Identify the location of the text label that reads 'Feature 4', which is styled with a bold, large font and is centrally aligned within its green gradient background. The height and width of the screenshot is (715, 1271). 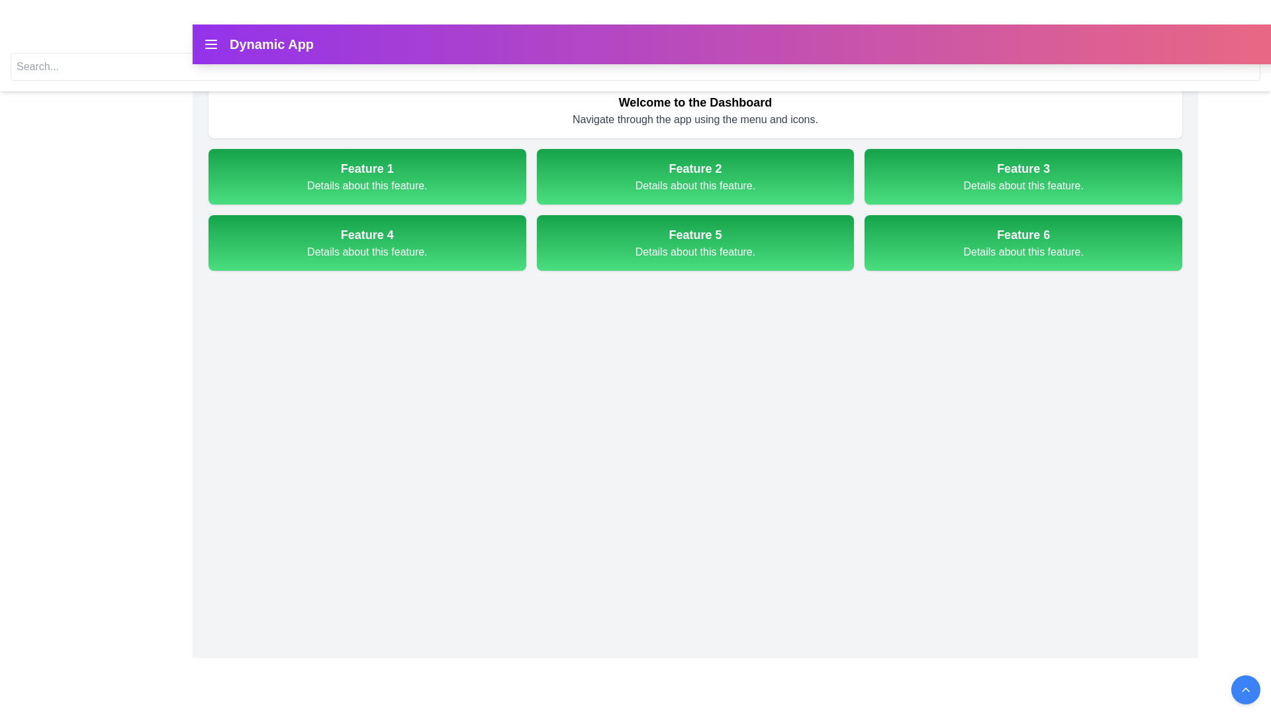
(367, 234).